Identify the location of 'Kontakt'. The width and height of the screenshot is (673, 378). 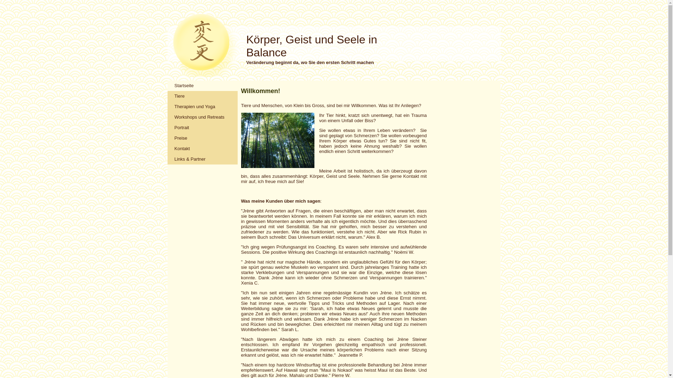
(202, 148).